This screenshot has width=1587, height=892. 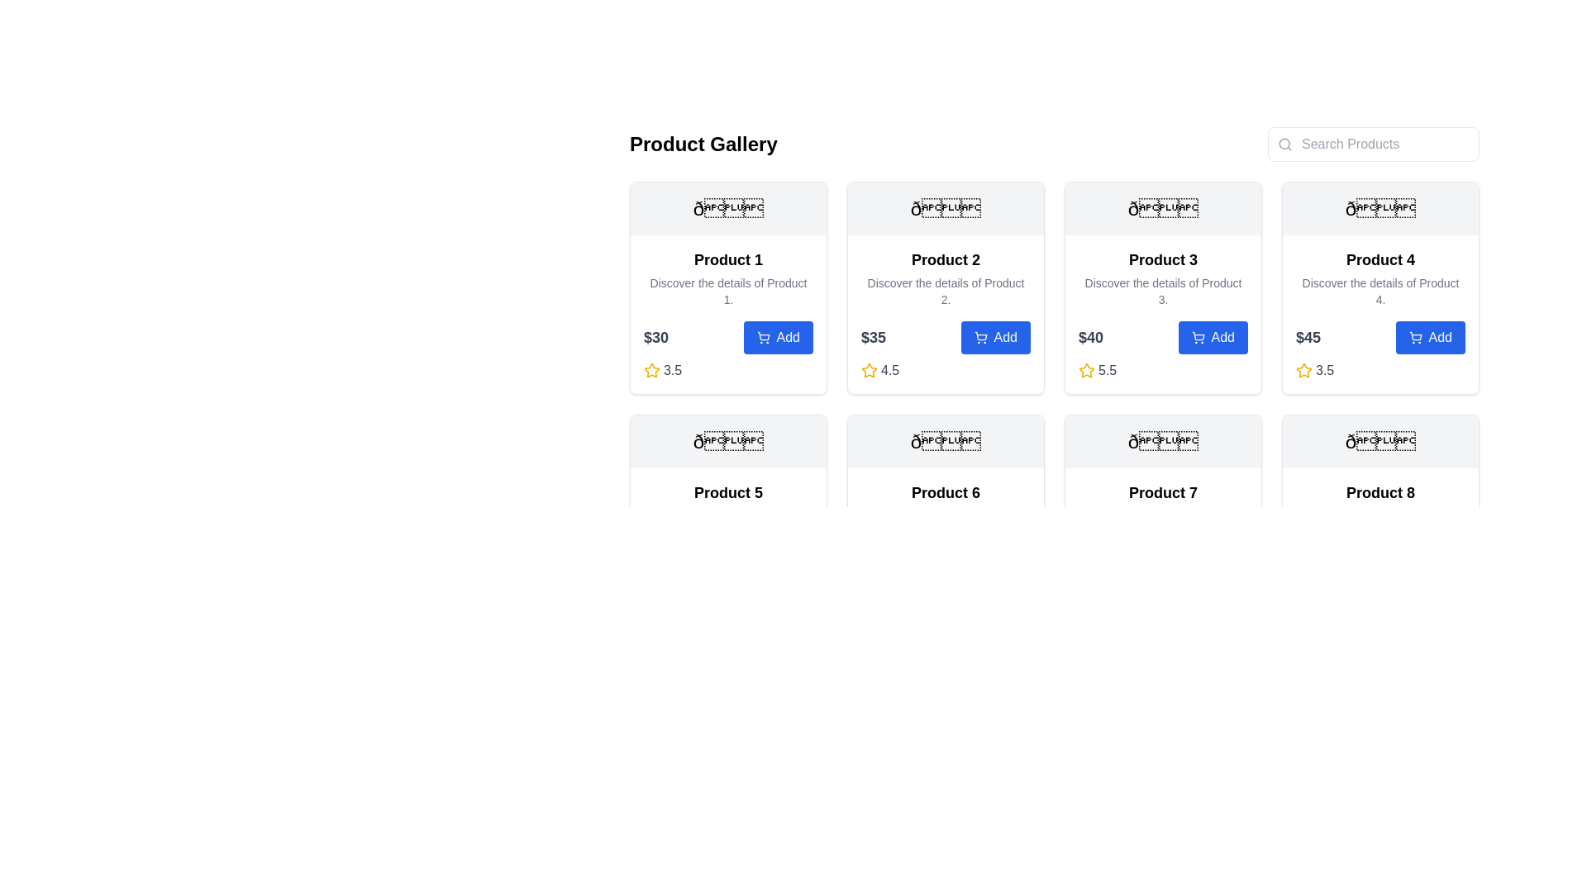 I want to click on the Icon or Decorative Symbol with a gray background located at the top of the 'Product 7' card, which is centered horizontally and positioned above the text content, so click(x=1162, y=441).